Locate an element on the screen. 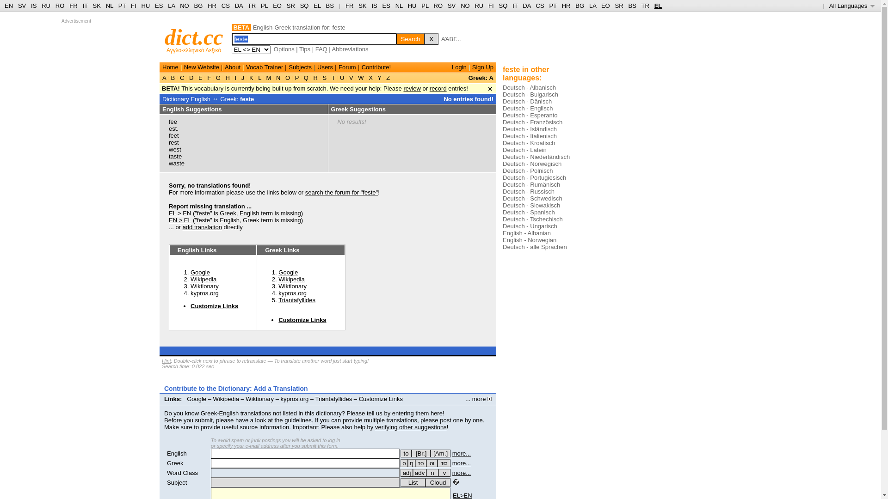  'SK' is located at coordinates (358, 6).